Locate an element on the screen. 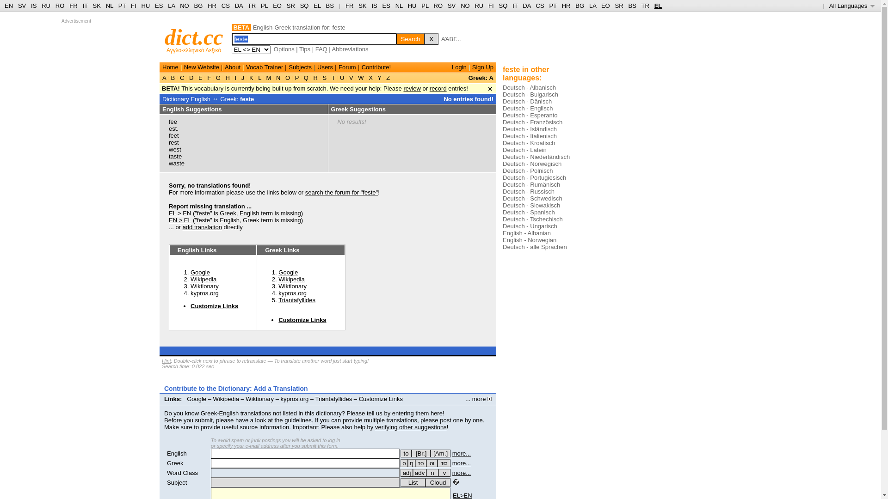  'SK' is located at coordinates (358, 6).